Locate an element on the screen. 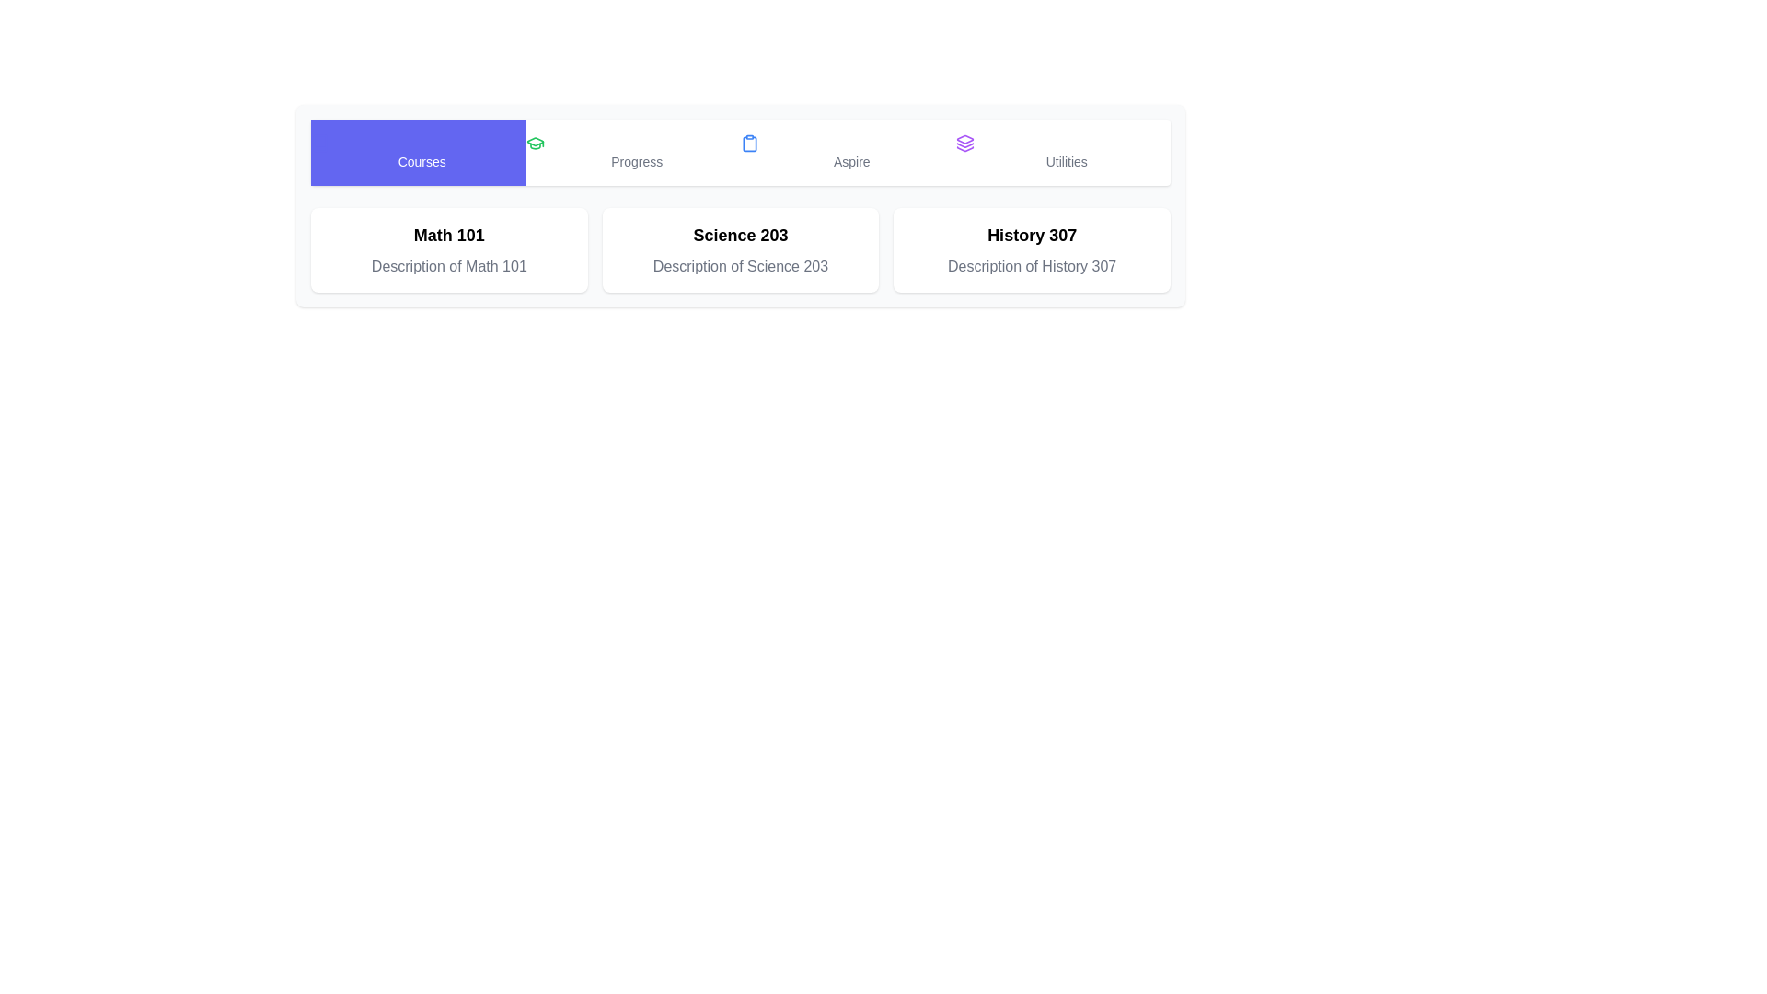 This screenshot has height=994, width=1767. the 'Science 203' course information card, which is the second card in a row of three is located at coordinates (741, 250).